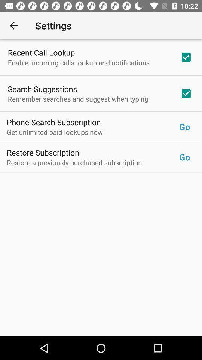 The height and width of the screenshot is (360, 202). What do you see at coordinates (77, 98) in the screenshot?
I see `the remember searches and icon` at bounding box center [77, 98].